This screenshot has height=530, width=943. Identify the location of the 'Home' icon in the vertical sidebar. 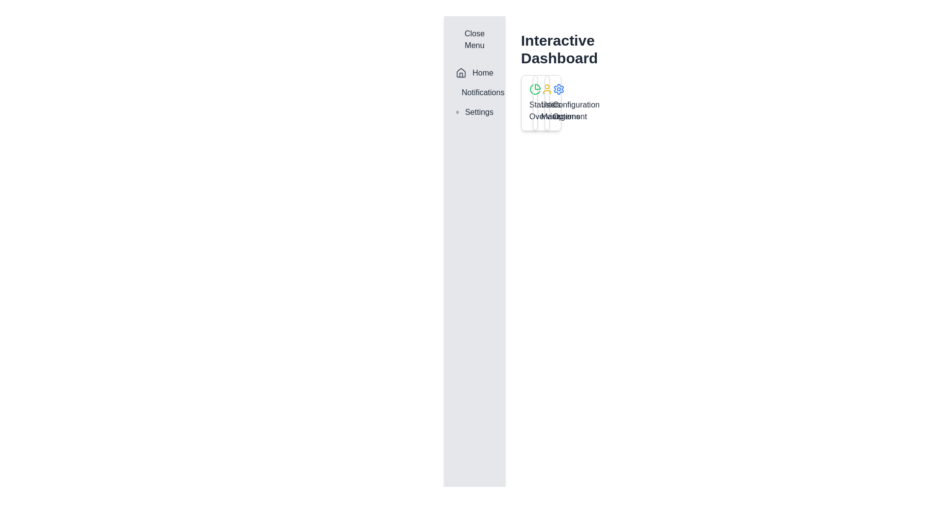
(461, 73).